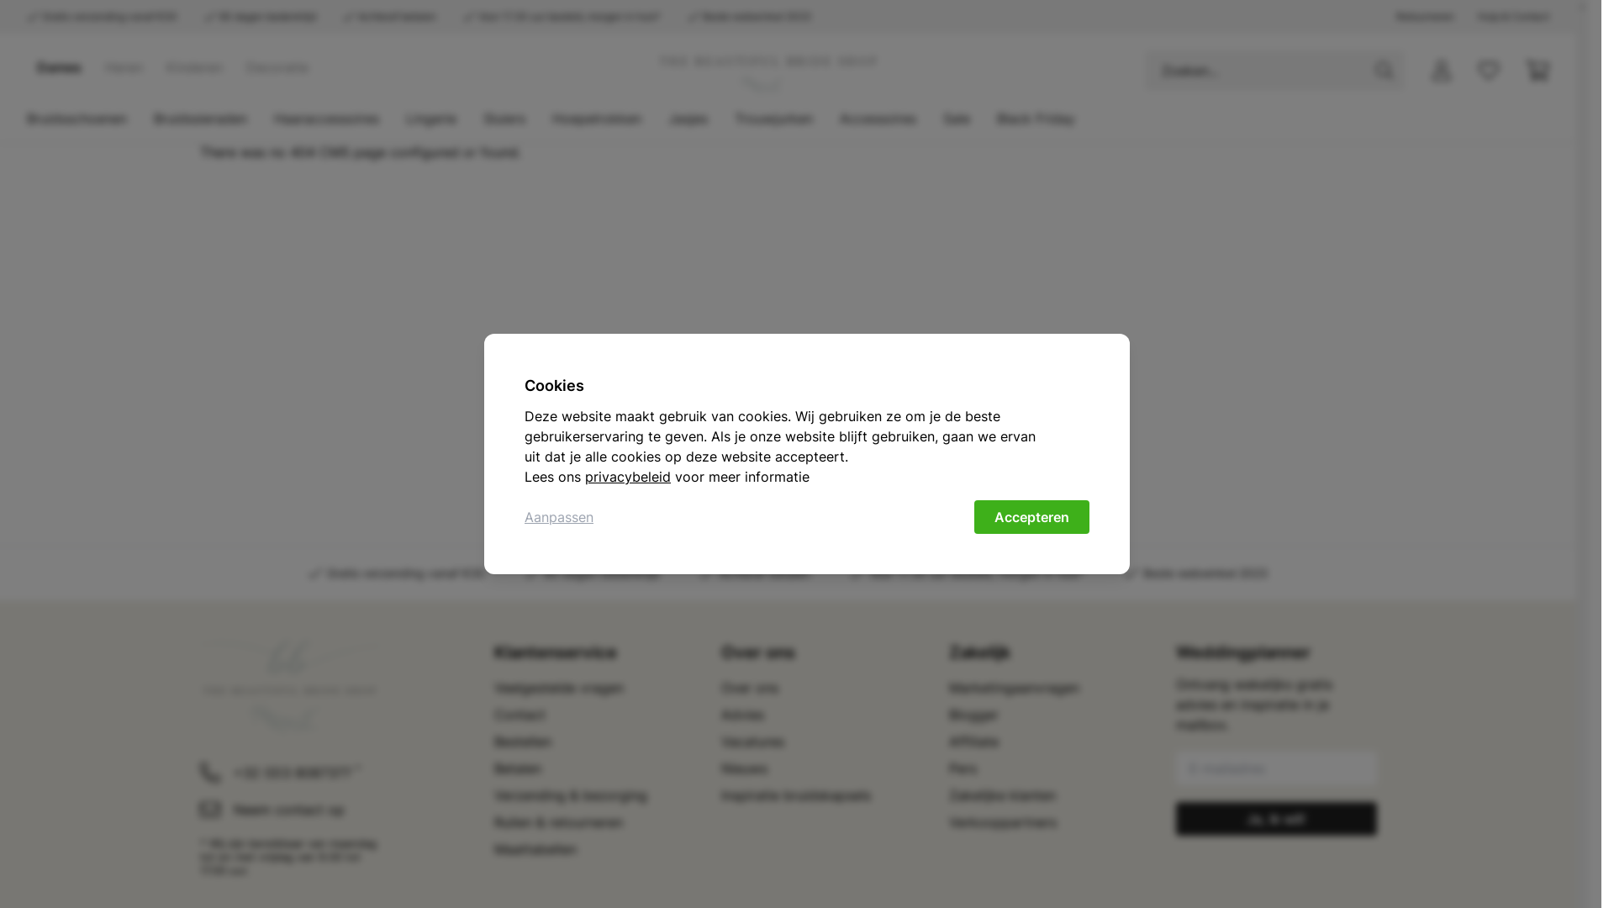 The height and width of the screenshot is (908, 1614). Describe the element at coordinates (773, 118) in the screenshot. I see `'Trouwjurken'` at that location.